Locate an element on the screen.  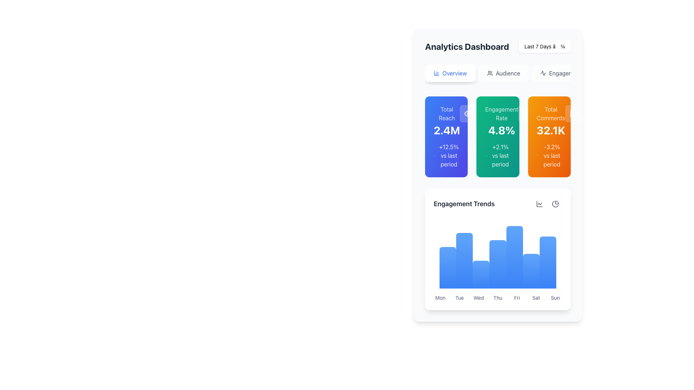
the Text-based UI button with an icon is located at coordinates (454, 73).